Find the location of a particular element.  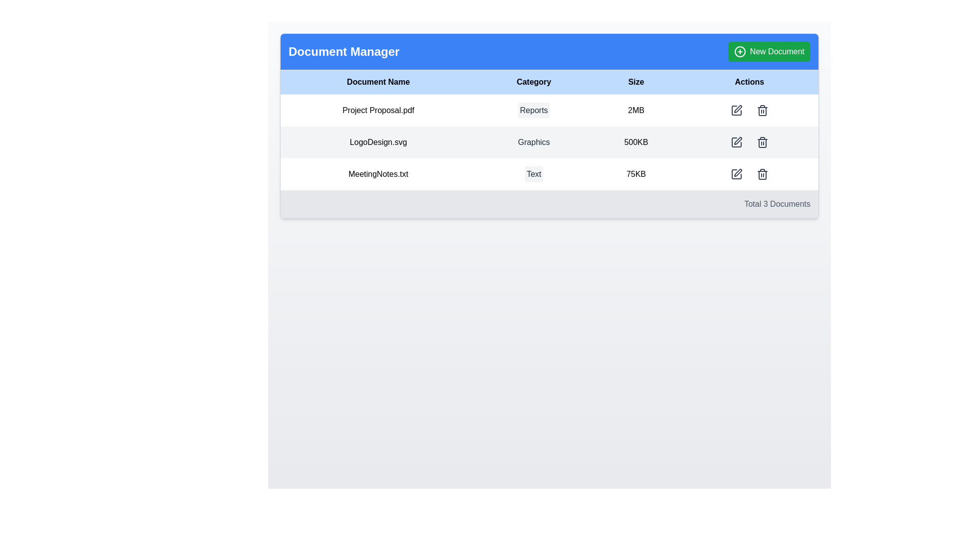

the Icon Button located in the 'Actions' column, second row, corresponding to the 'LogoDesign.svg' document is located at coordinates (738, 140).